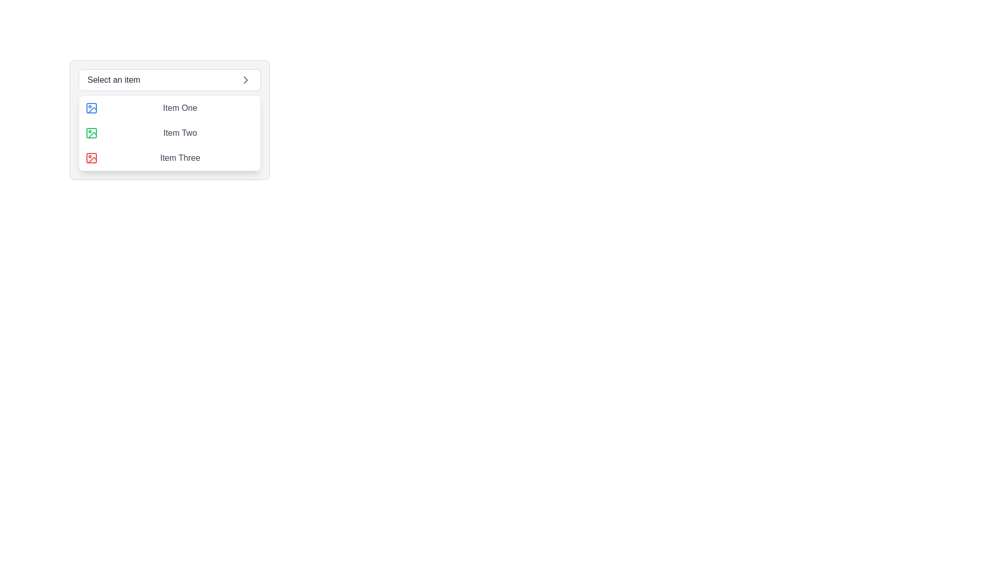 This screenshot has height=562, width=1000. Describe the element at coordinates (92, 108) in the screenshot. I see `the small graphical icon resembling an image frame with a blue border, positioned to the left of the text 'Item One' in the dropdown list` at that location.